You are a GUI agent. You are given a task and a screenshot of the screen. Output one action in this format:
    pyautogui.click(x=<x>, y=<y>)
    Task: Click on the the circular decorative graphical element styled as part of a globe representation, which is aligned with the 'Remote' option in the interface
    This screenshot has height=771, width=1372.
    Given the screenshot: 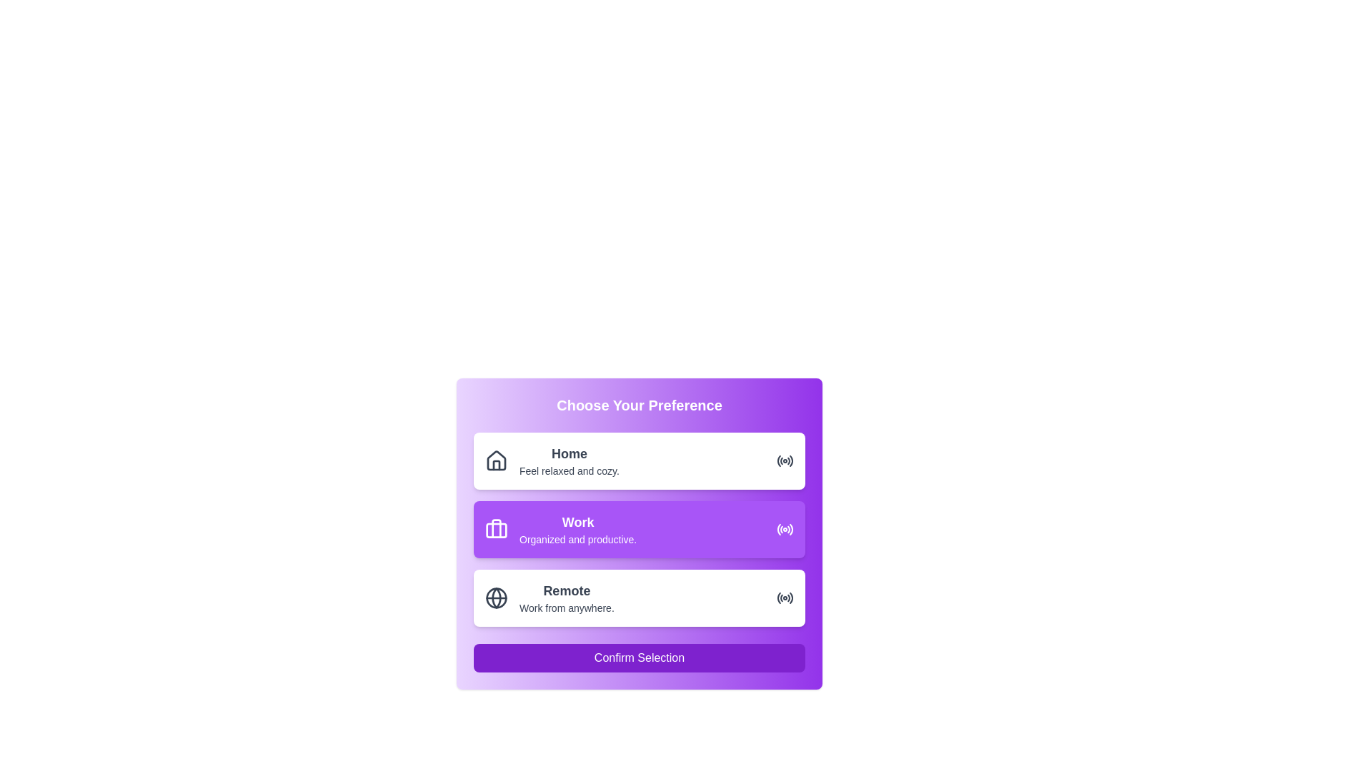 What is the action you would take?
    pyautogui.click(x=497, y=598)
    